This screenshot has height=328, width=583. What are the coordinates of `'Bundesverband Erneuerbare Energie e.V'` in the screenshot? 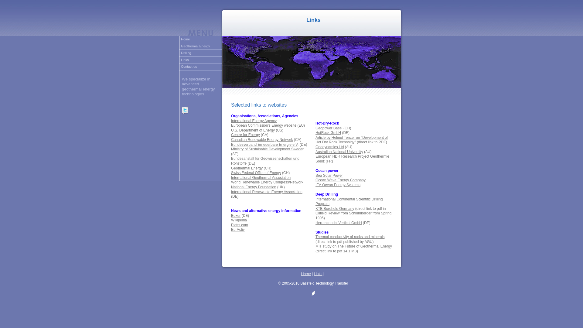 It's located at (231, 144).